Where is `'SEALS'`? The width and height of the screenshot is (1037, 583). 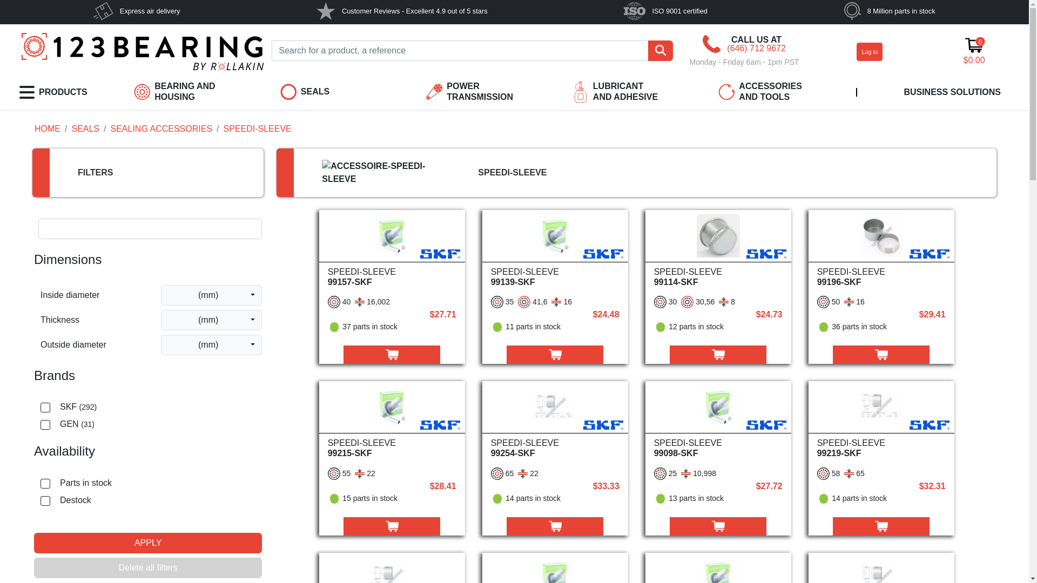 'SEALS' is located at coordinates (71, 128).